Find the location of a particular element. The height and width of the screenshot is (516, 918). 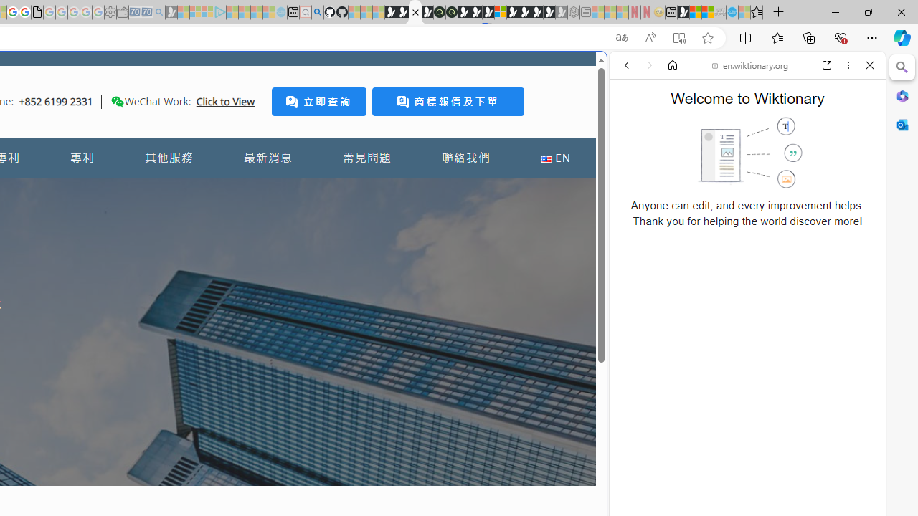

'Services - Maintenance | Sky Blue Bikes - Sky Blue Bikes' is located at coordinates (732, 12).